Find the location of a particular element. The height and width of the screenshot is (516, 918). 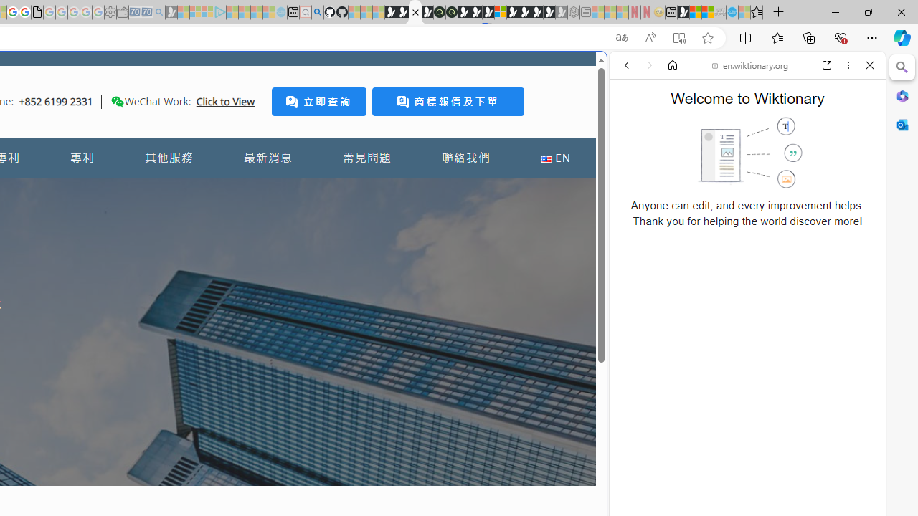

'Services - Maintenance | Sky Blue Bikes - Sky Blue Bikes' is located at coordinates (732, 12).